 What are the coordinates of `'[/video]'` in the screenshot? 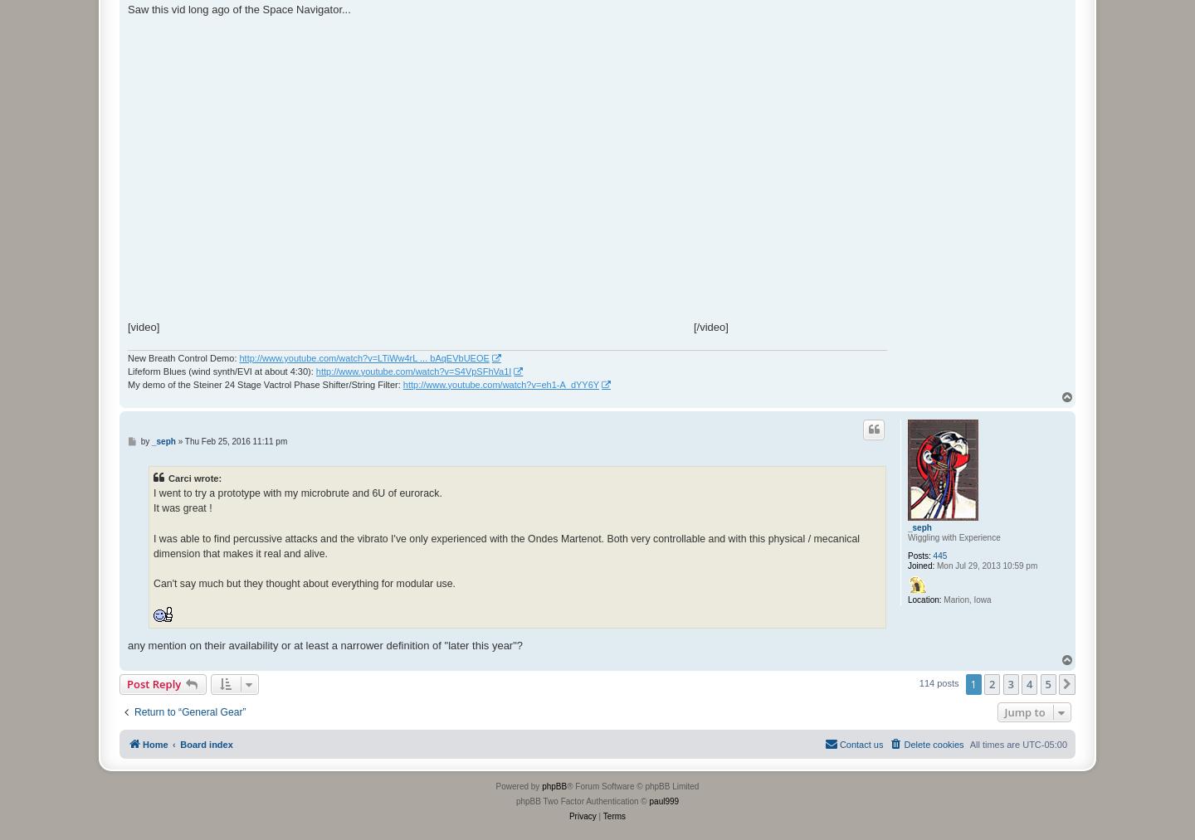 It's located at (708, 327).